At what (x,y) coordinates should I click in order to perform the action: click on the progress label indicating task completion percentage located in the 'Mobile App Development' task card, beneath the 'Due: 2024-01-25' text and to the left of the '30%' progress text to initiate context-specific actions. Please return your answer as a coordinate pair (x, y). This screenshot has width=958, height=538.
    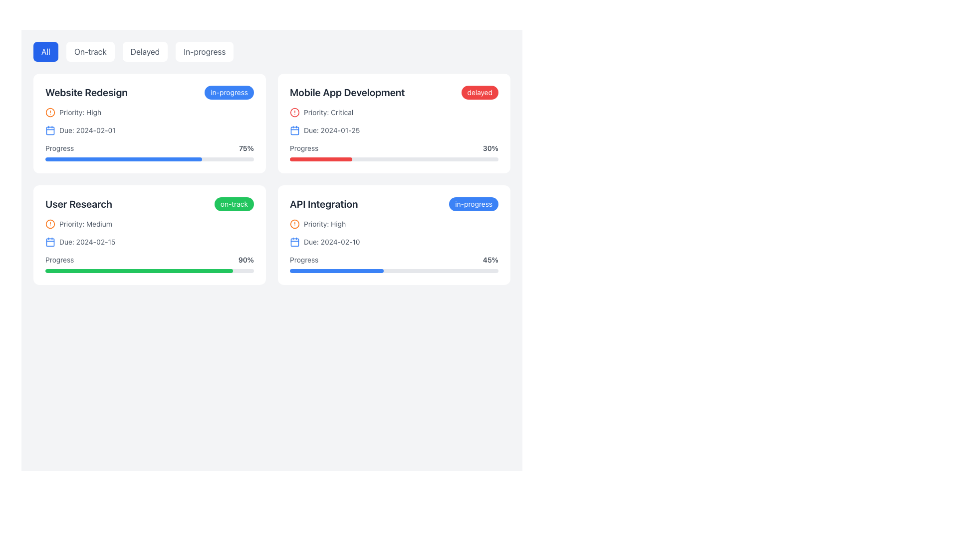
    Looking at the image, I should click on (303, 148).